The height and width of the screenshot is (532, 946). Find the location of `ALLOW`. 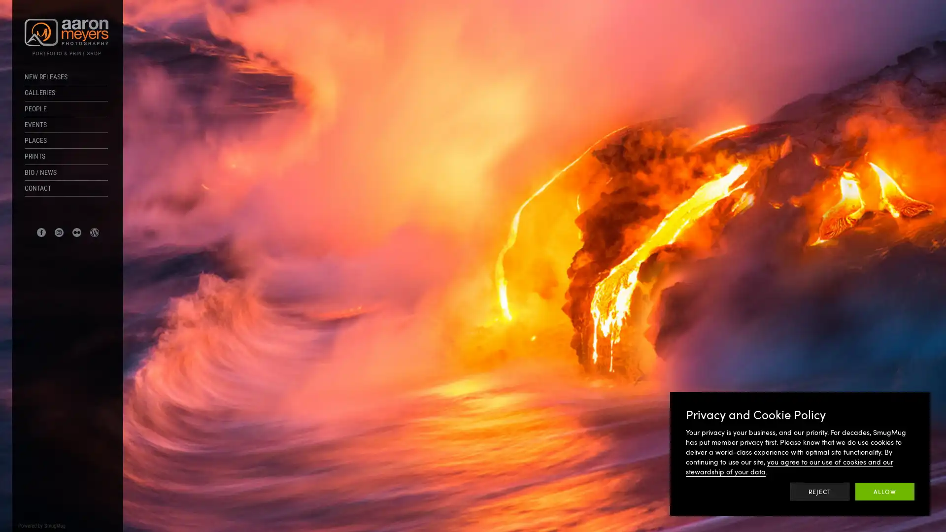

ALLOW is located at coordinates (884, 492).